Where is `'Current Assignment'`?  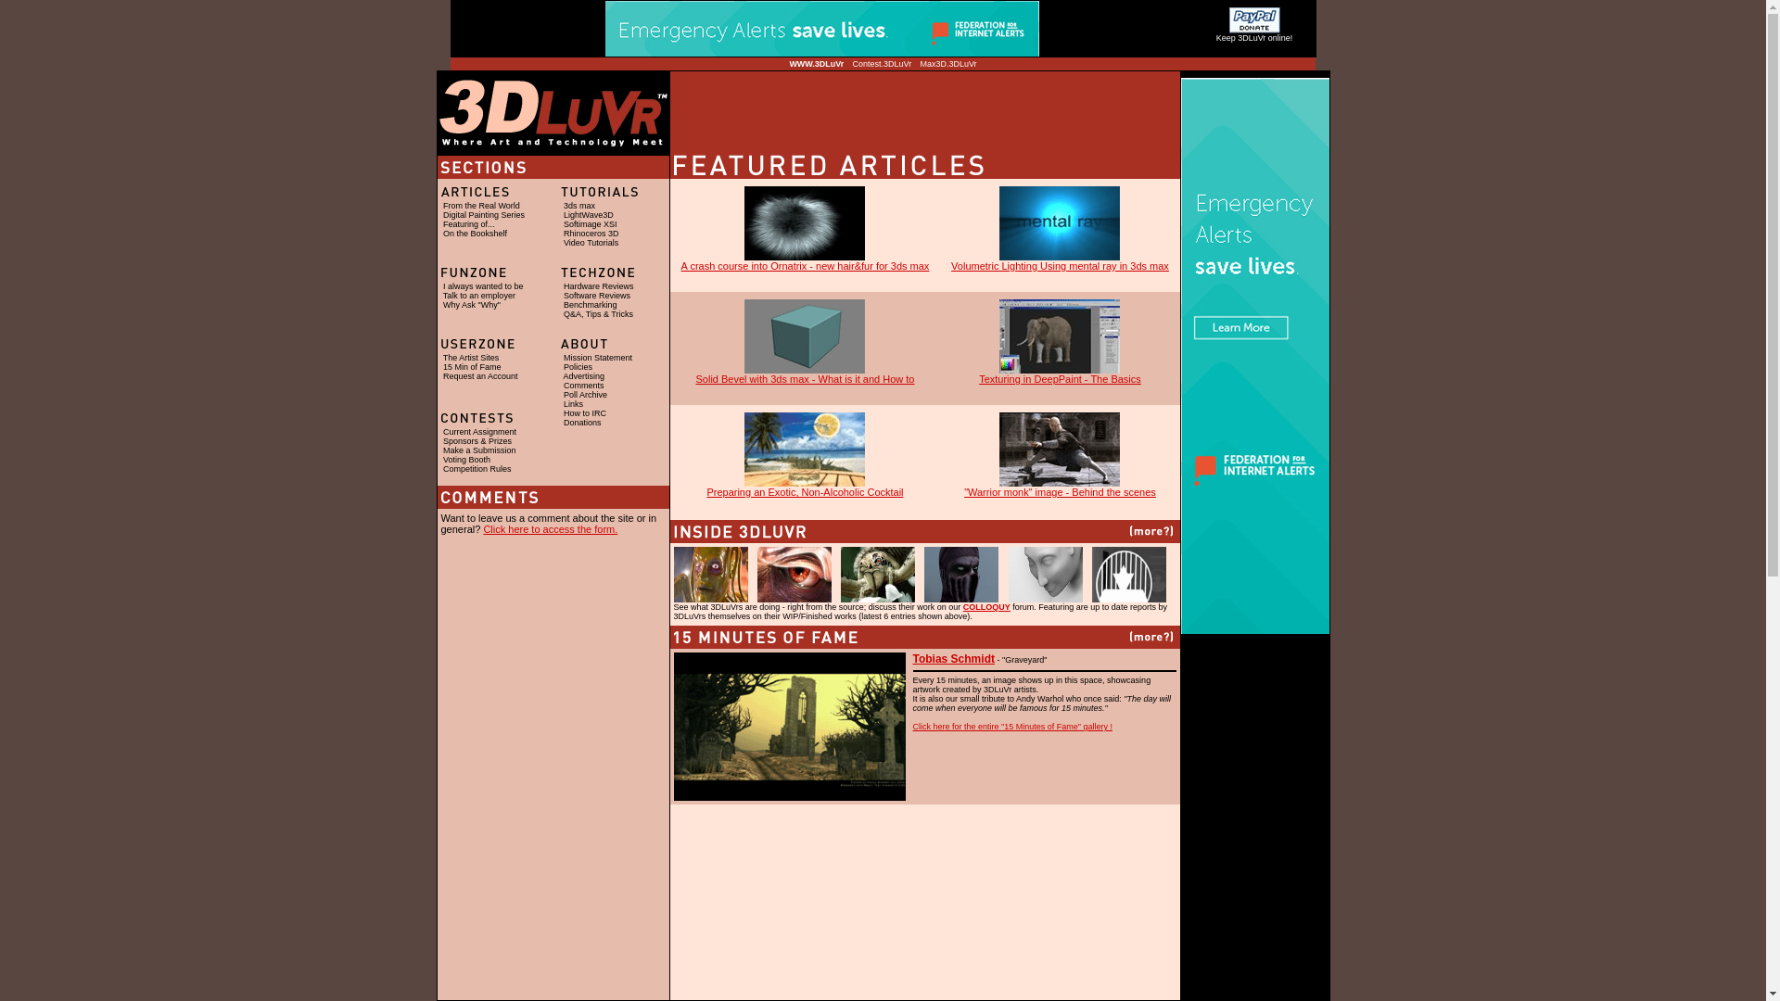 'Current Assignment' is located at coordinates (479, 432).